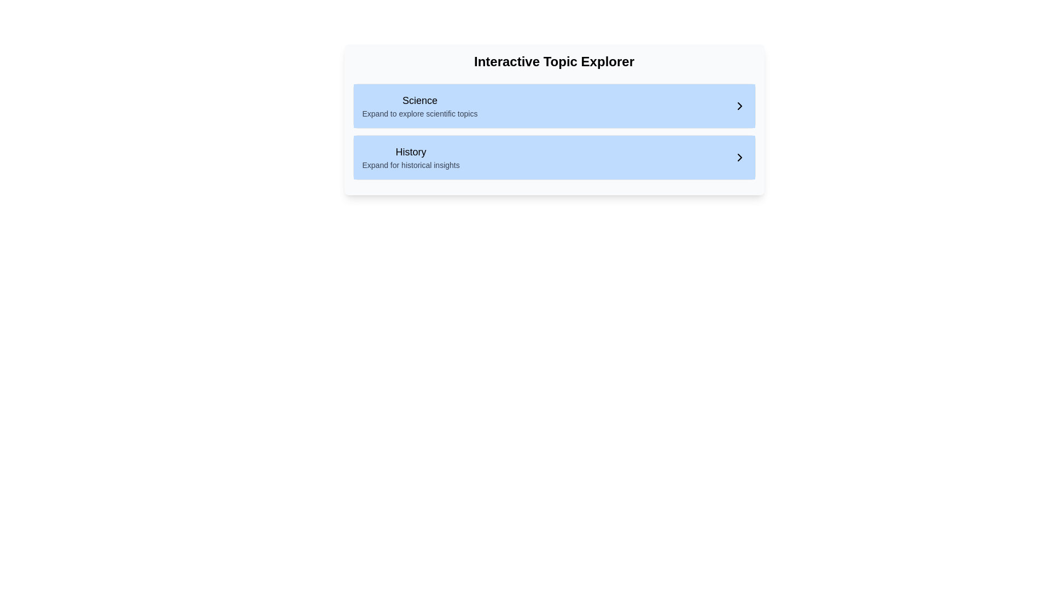 Image resolution: width=1050 pixels, height=591 pixels. Describe the element at coordinates (739, 106) in the screenshot. I see `keyboard navigation` at that location.